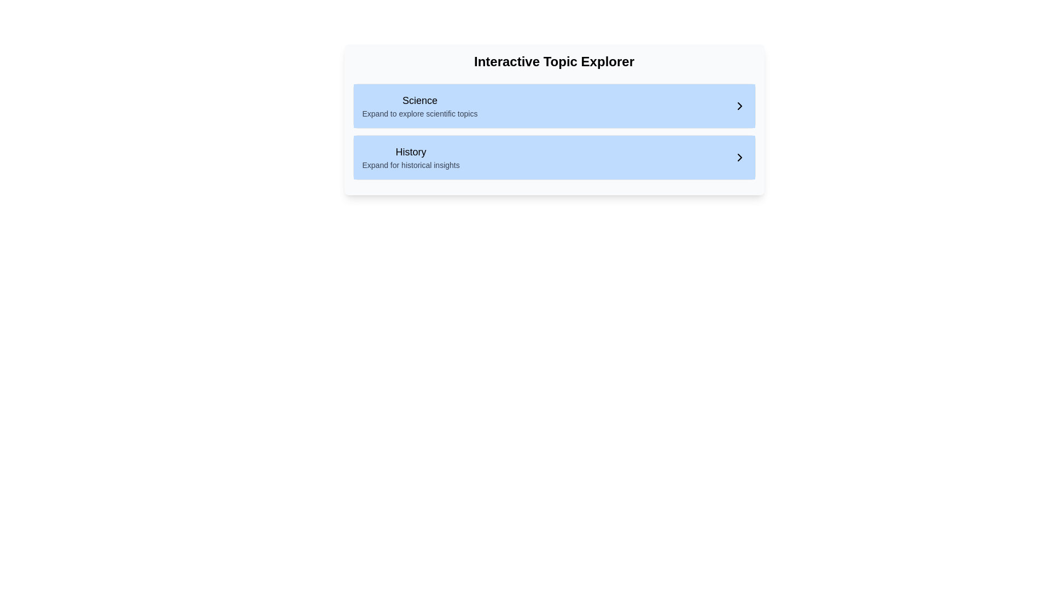 Image resolution: width=1050 pixels, height=591 pixels. Describe the element at coordinates (739, 106) in the screenshot. I see `keyboard navigation` at that location.